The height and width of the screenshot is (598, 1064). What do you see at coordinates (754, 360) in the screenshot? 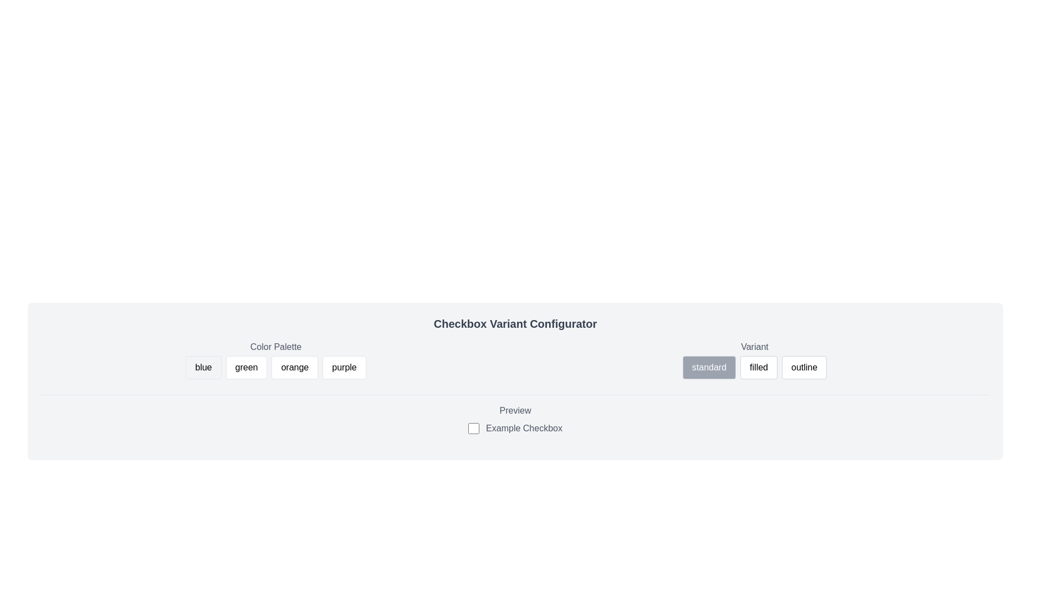
I see `the second button in the 'Variant' group` at bounding box center [754, 360].